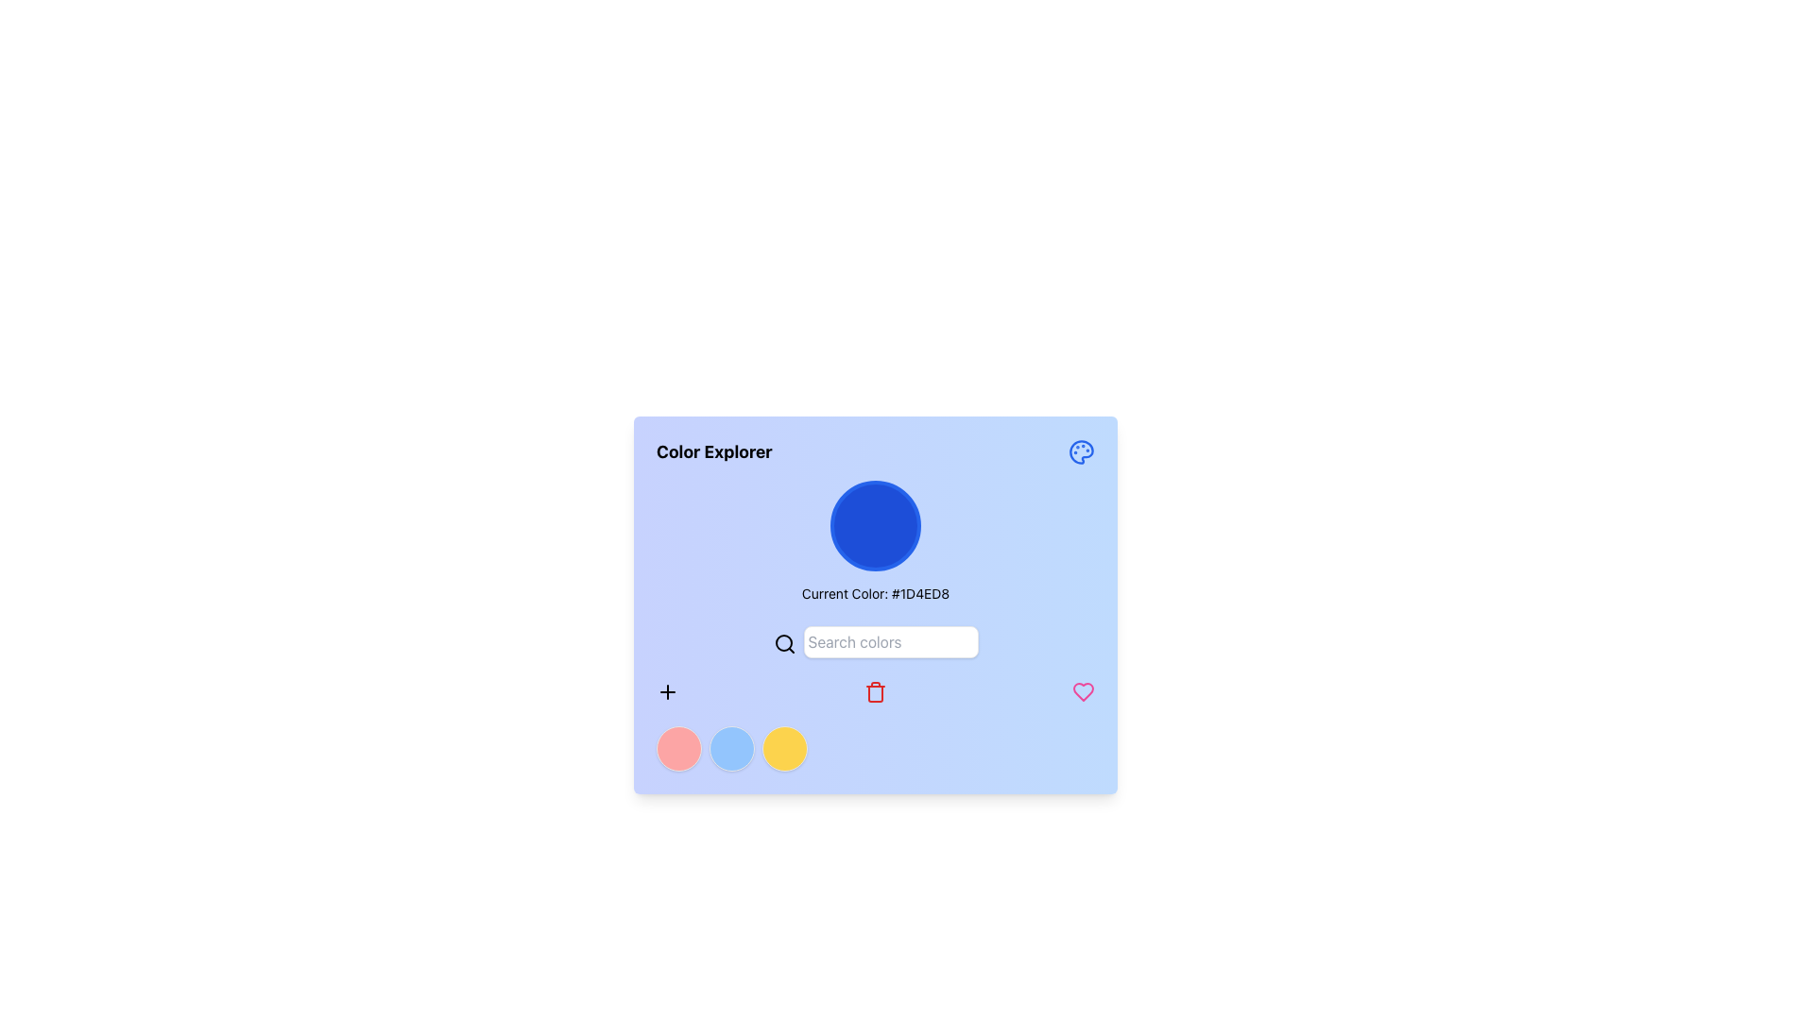  Describe the element at coordinates (874, 691) in the screenshot. I see `the trash bin icon button` at that location.